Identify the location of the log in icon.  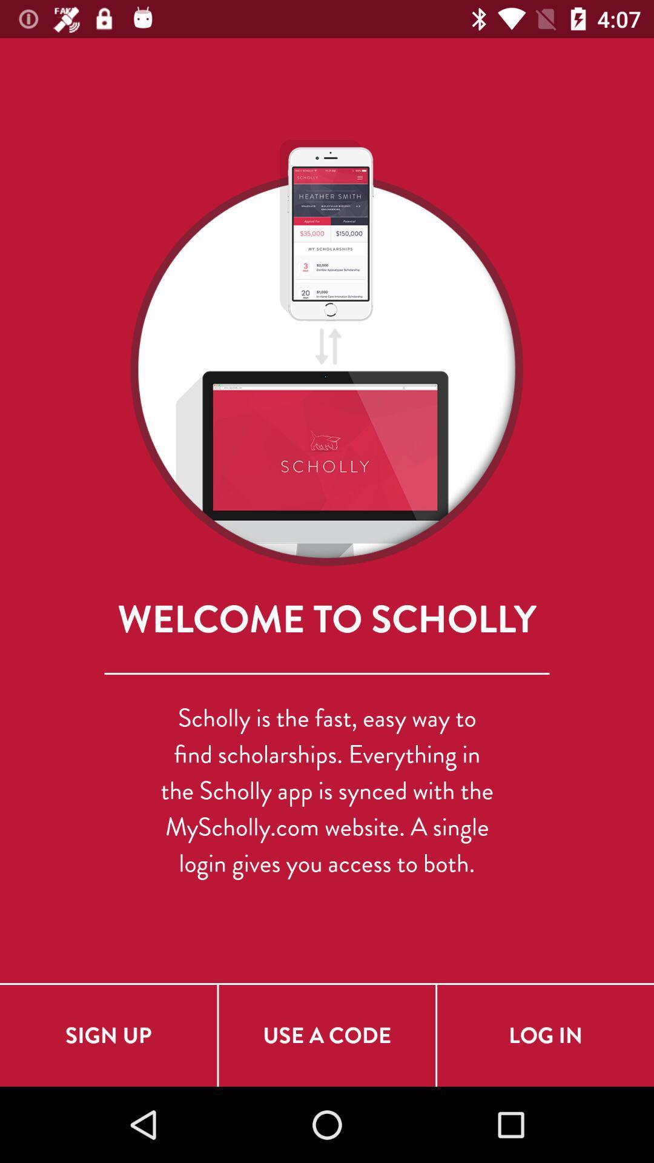
(546, 1035).